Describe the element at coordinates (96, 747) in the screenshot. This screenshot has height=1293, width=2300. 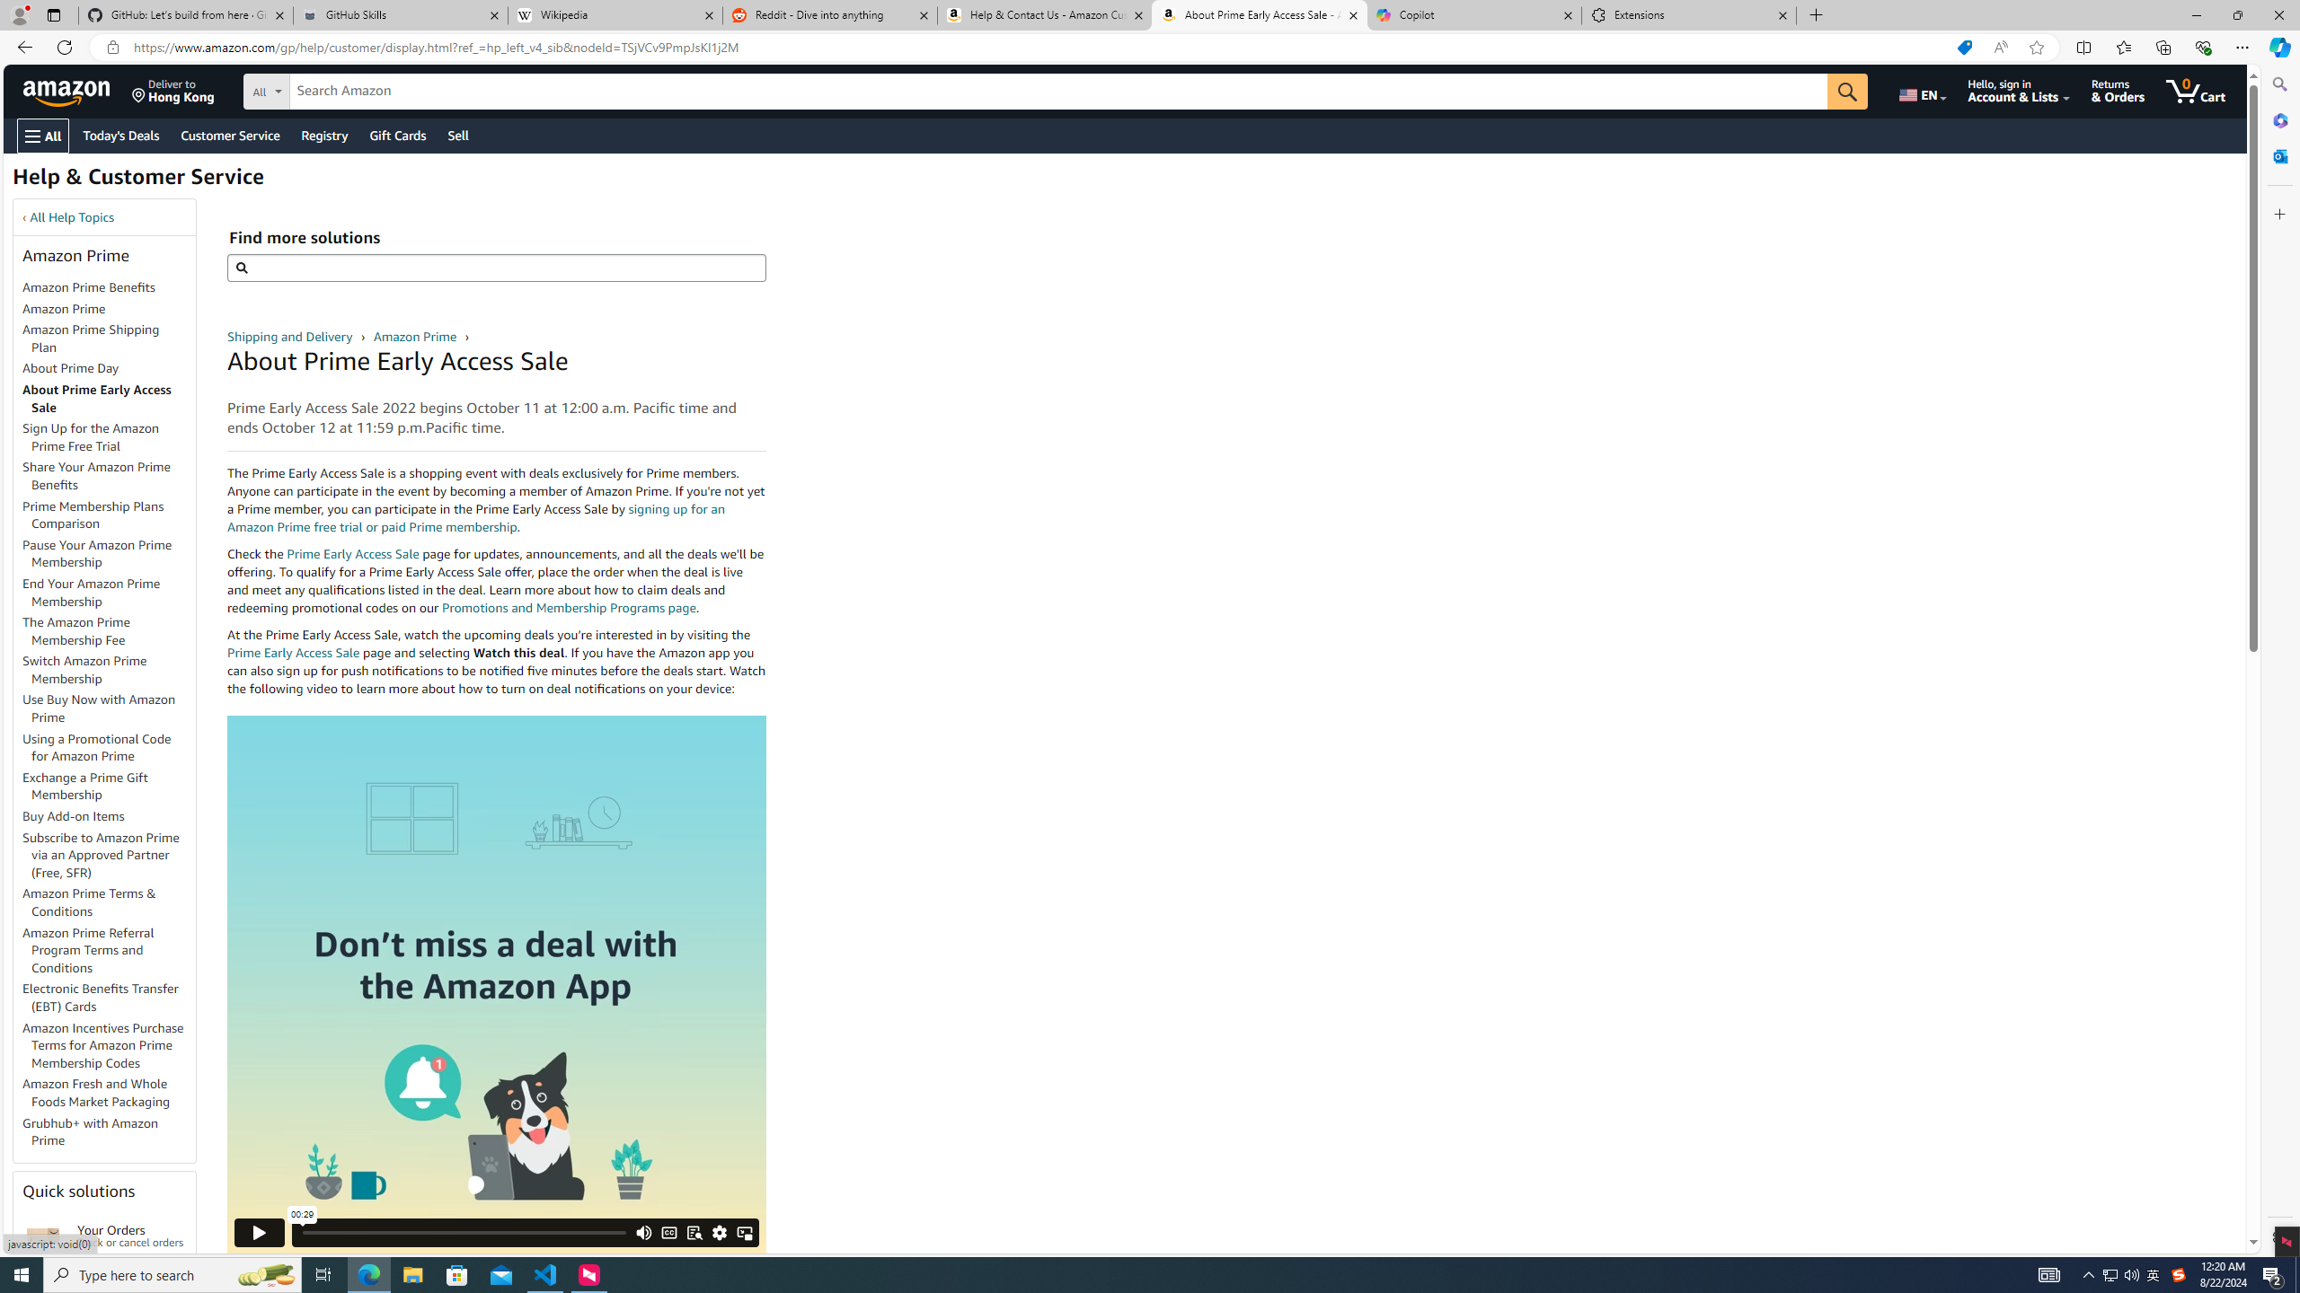
I see `'Using a Promotional Code for Amazon Prime'` at that location.